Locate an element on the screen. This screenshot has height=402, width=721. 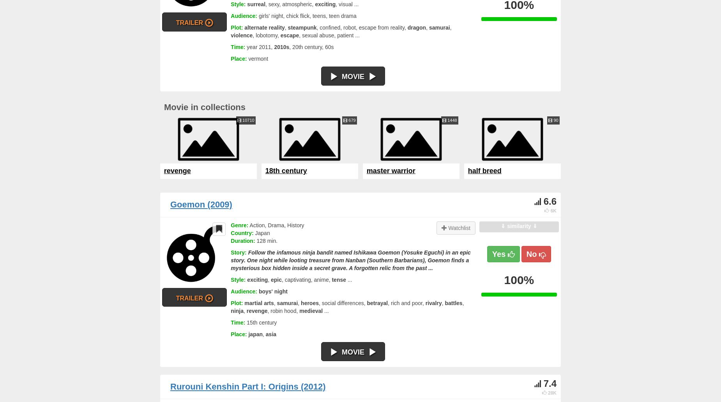
'half breed' is located at coordinates (484, 171).